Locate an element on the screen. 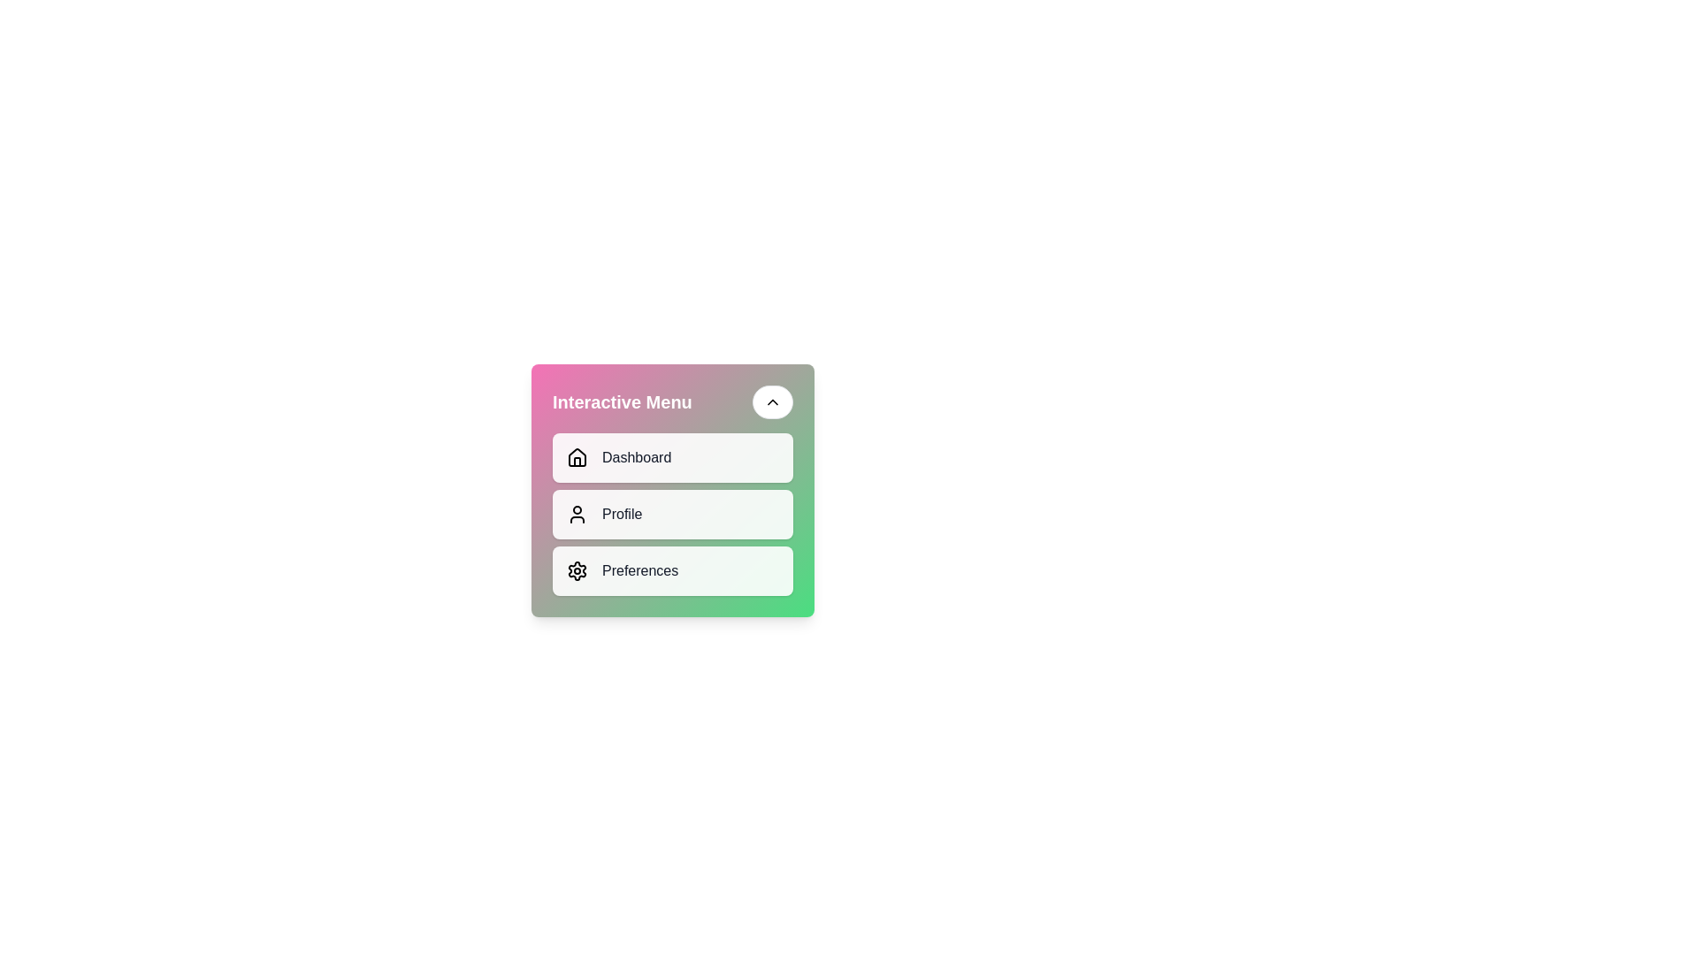 Image resolution: width=1698 pixels, height=955 pixels. the 'Profile' button, which is a rectangular button with a white background, rounded corners, and contains a user icon and the text 'Profile', positioned vertically between the 'Dashboard' and 'Preferences' buttons is located at coordinates (672, 491).